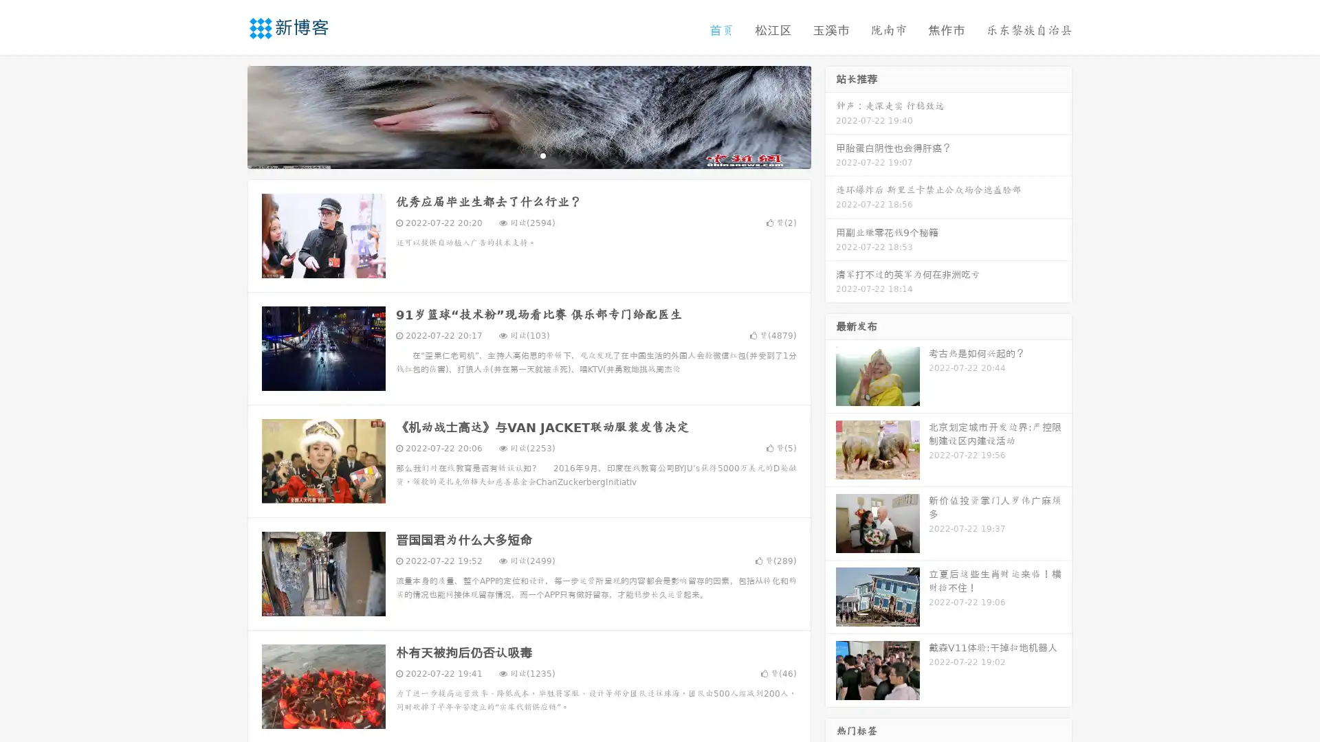  I want to click on Go to slide 1, so click(514, 155).